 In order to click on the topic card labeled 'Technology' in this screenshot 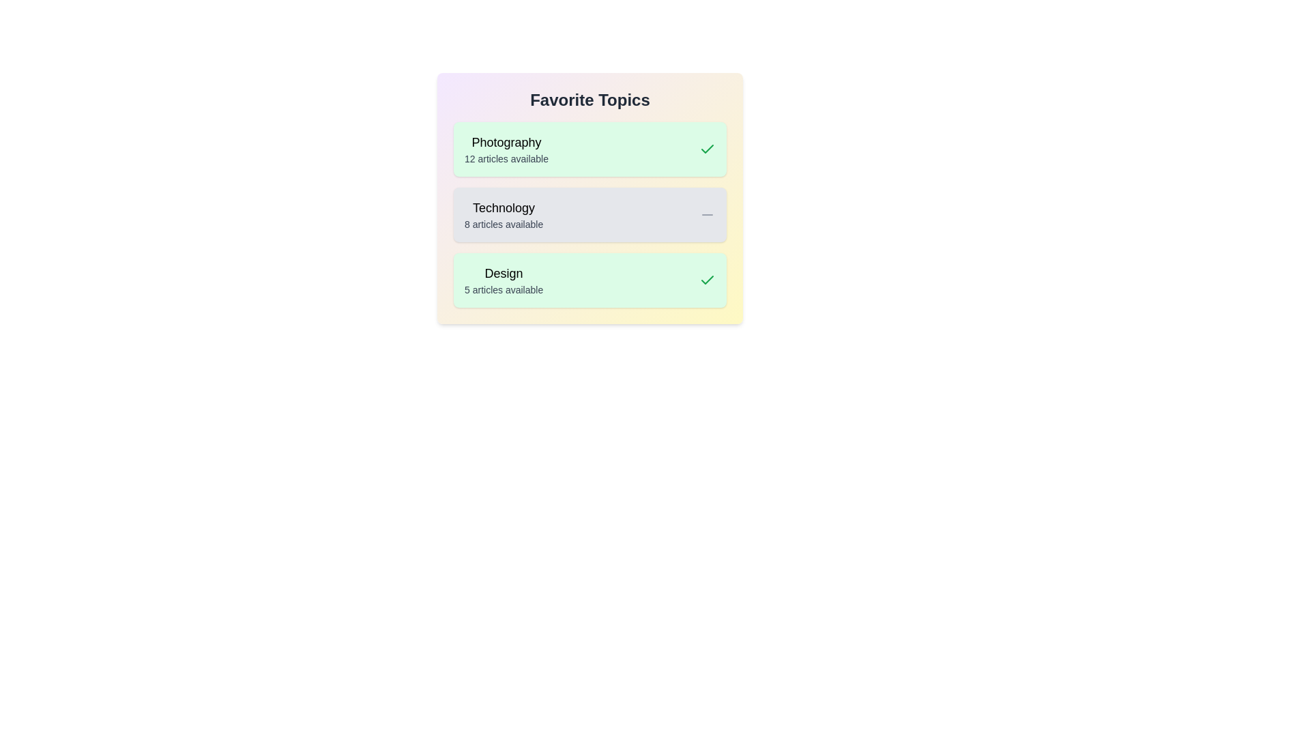, I will do `click(589, 215)`.